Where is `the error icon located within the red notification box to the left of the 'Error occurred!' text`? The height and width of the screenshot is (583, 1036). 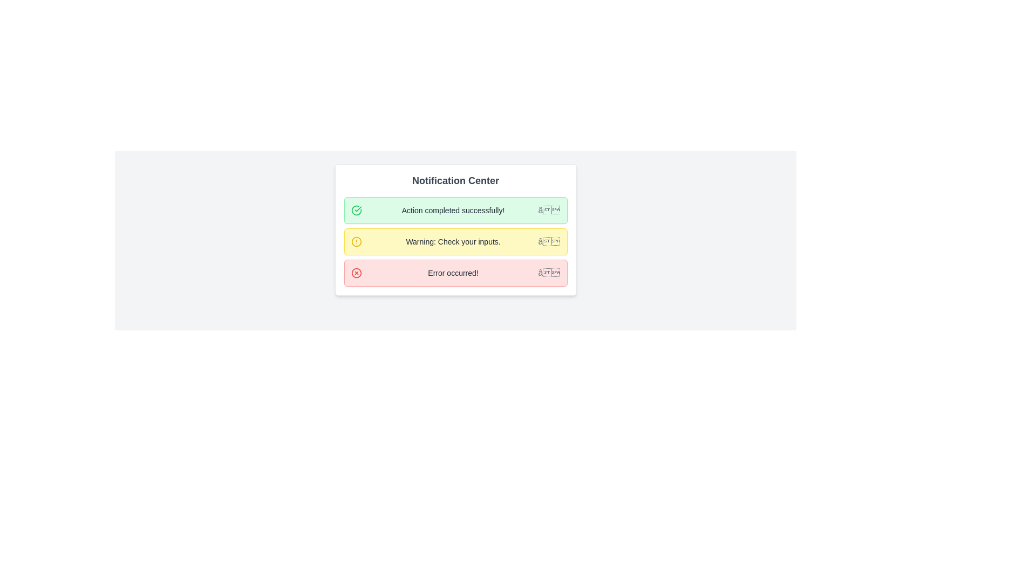 the error icon located within the red notification box to the left of the 'Error occurred!' text is located at coordinates (356, 272).